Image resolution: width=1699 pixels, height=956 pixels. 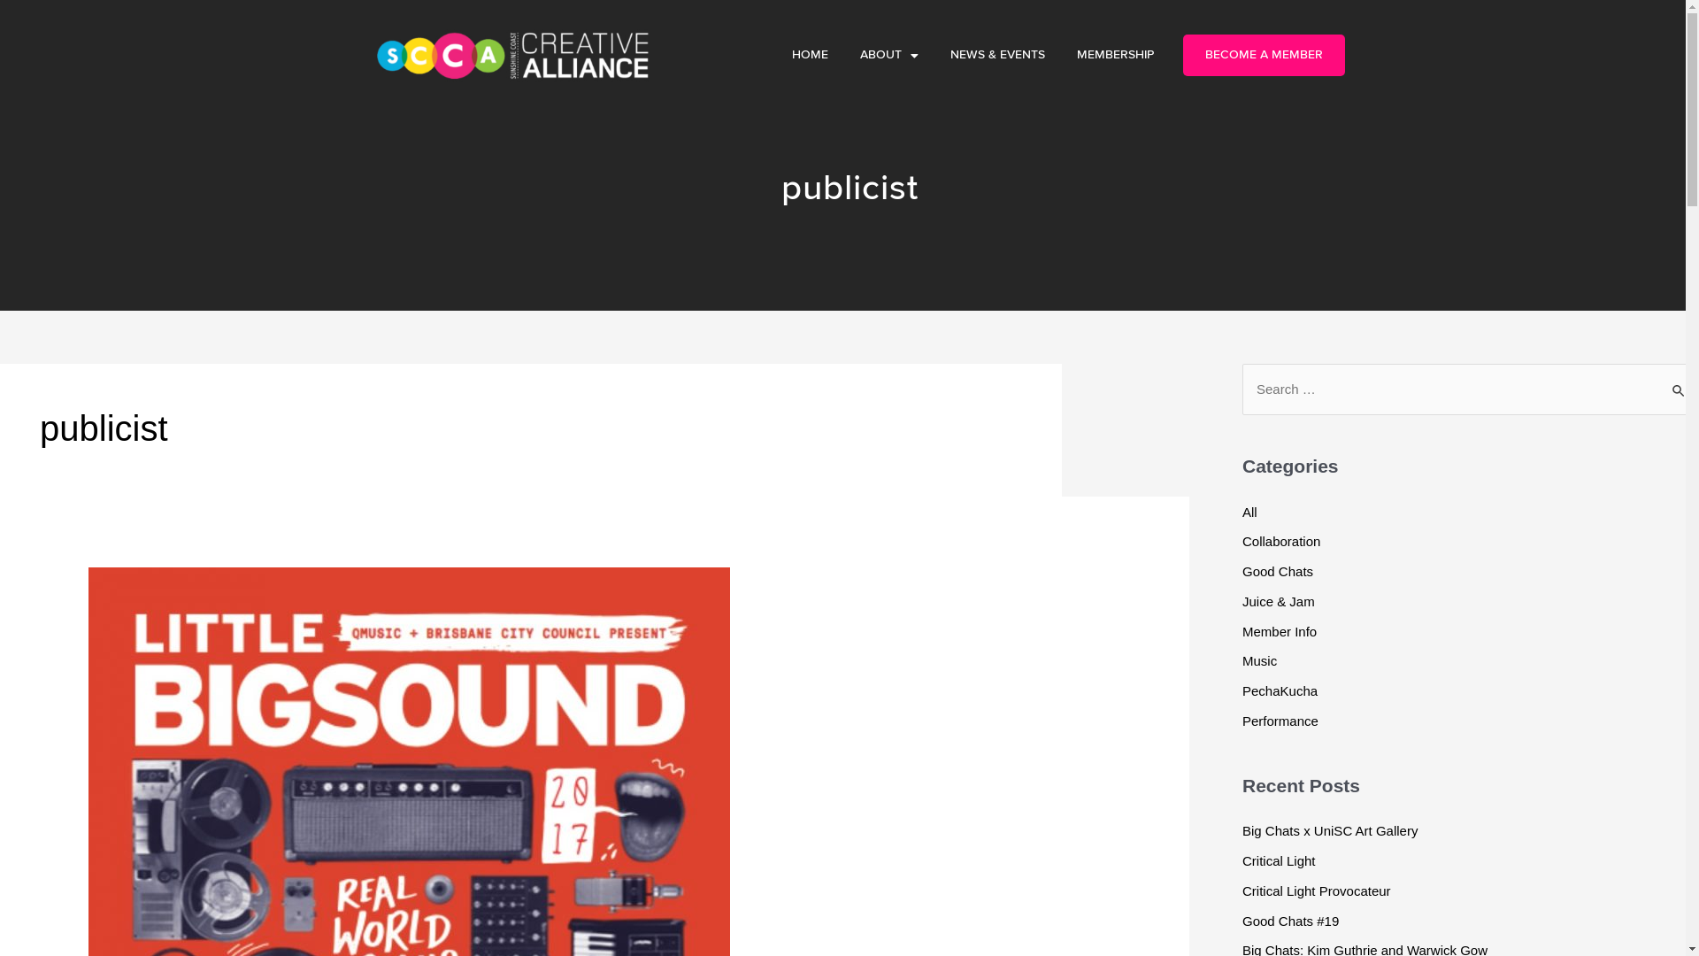 I want to click on 'Juice & Jam', so click(x=1278, y=600).